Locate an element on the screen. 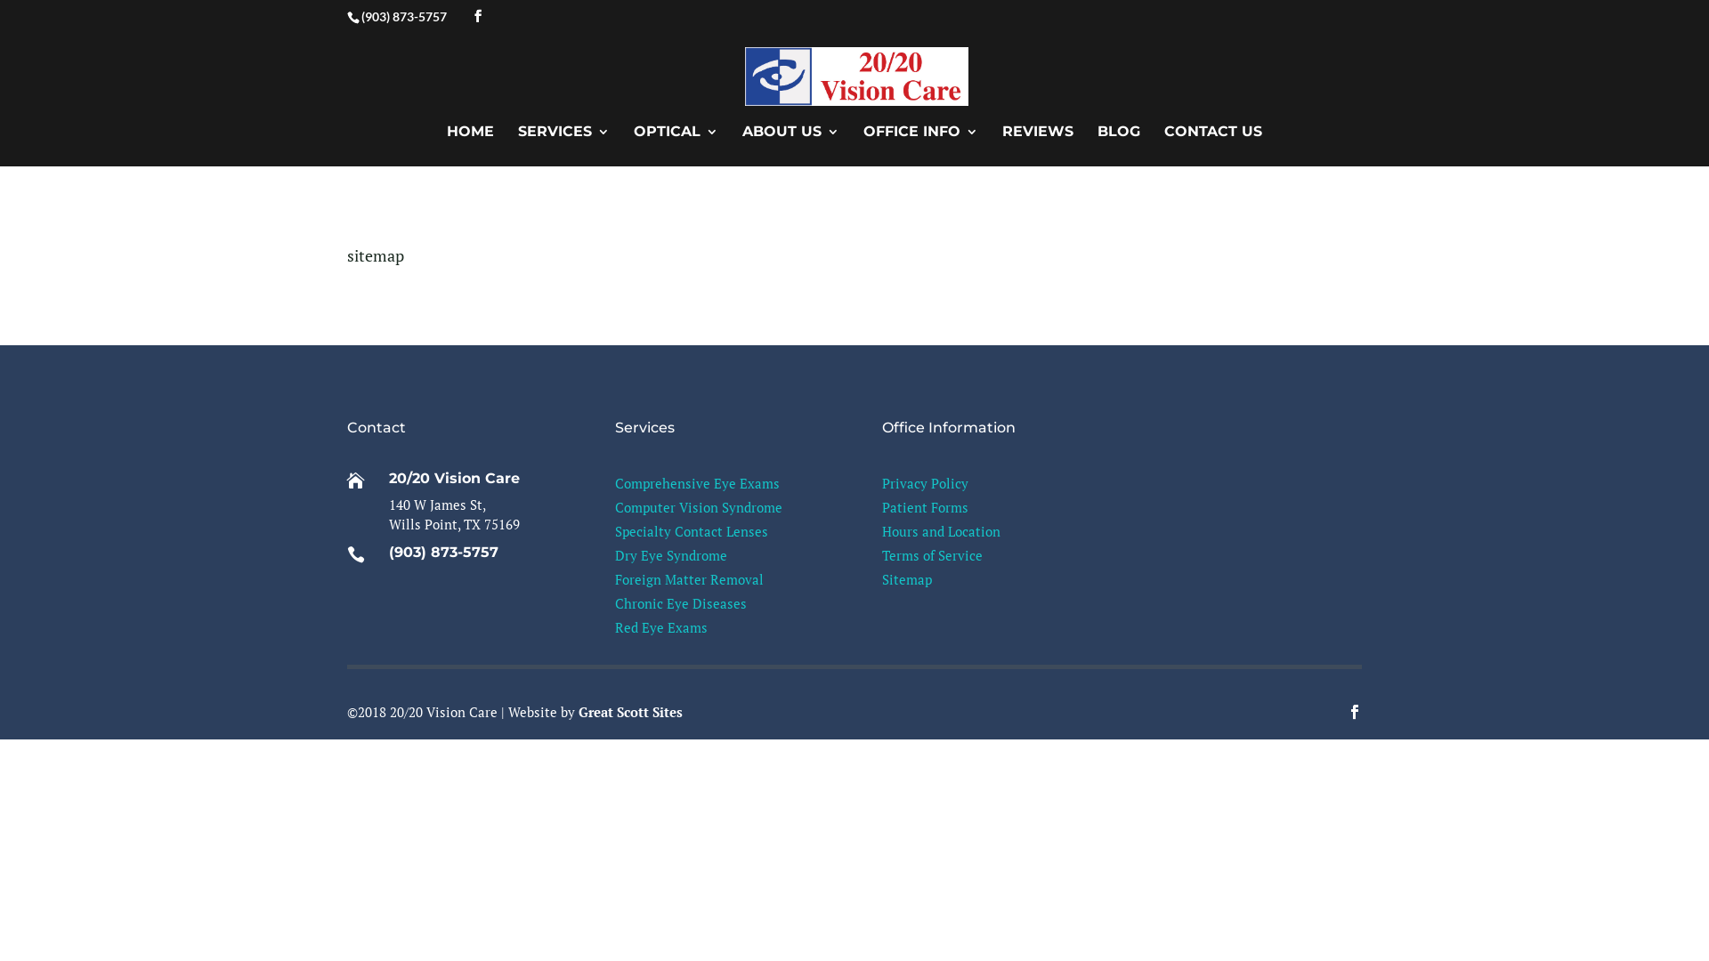 The image size is (1709, 961). 'Foreign Matter Removal' is located at coordinates (615, 579).